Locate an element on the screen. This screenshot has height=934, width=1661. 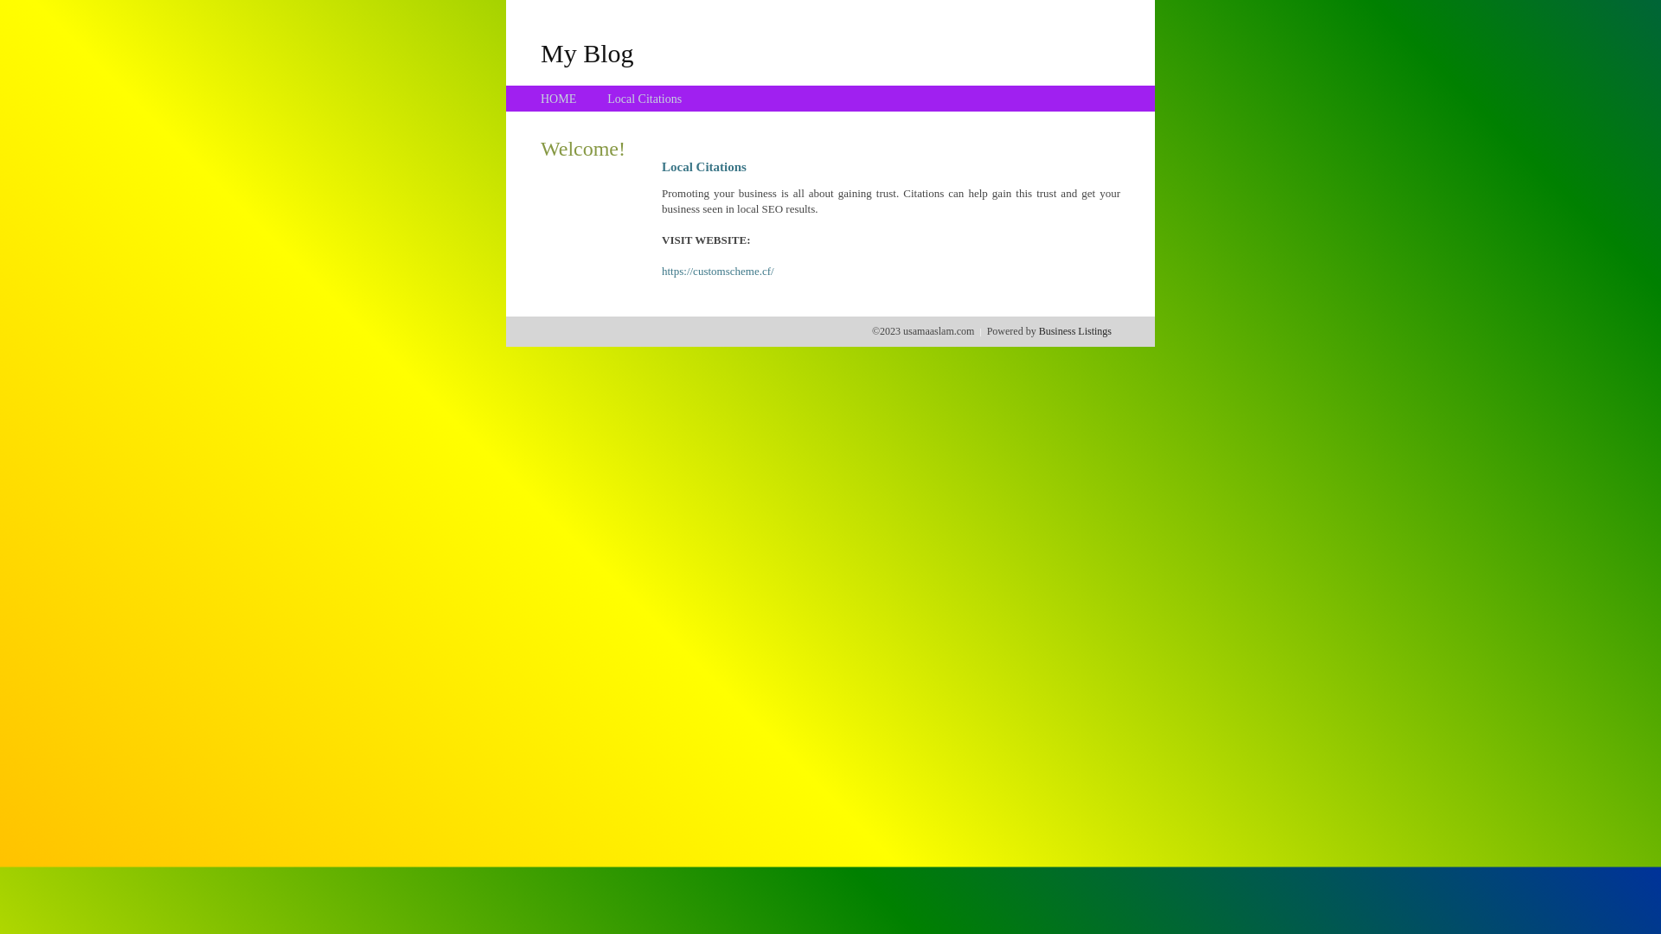
'HOME' is located at coordinates (558, 99).